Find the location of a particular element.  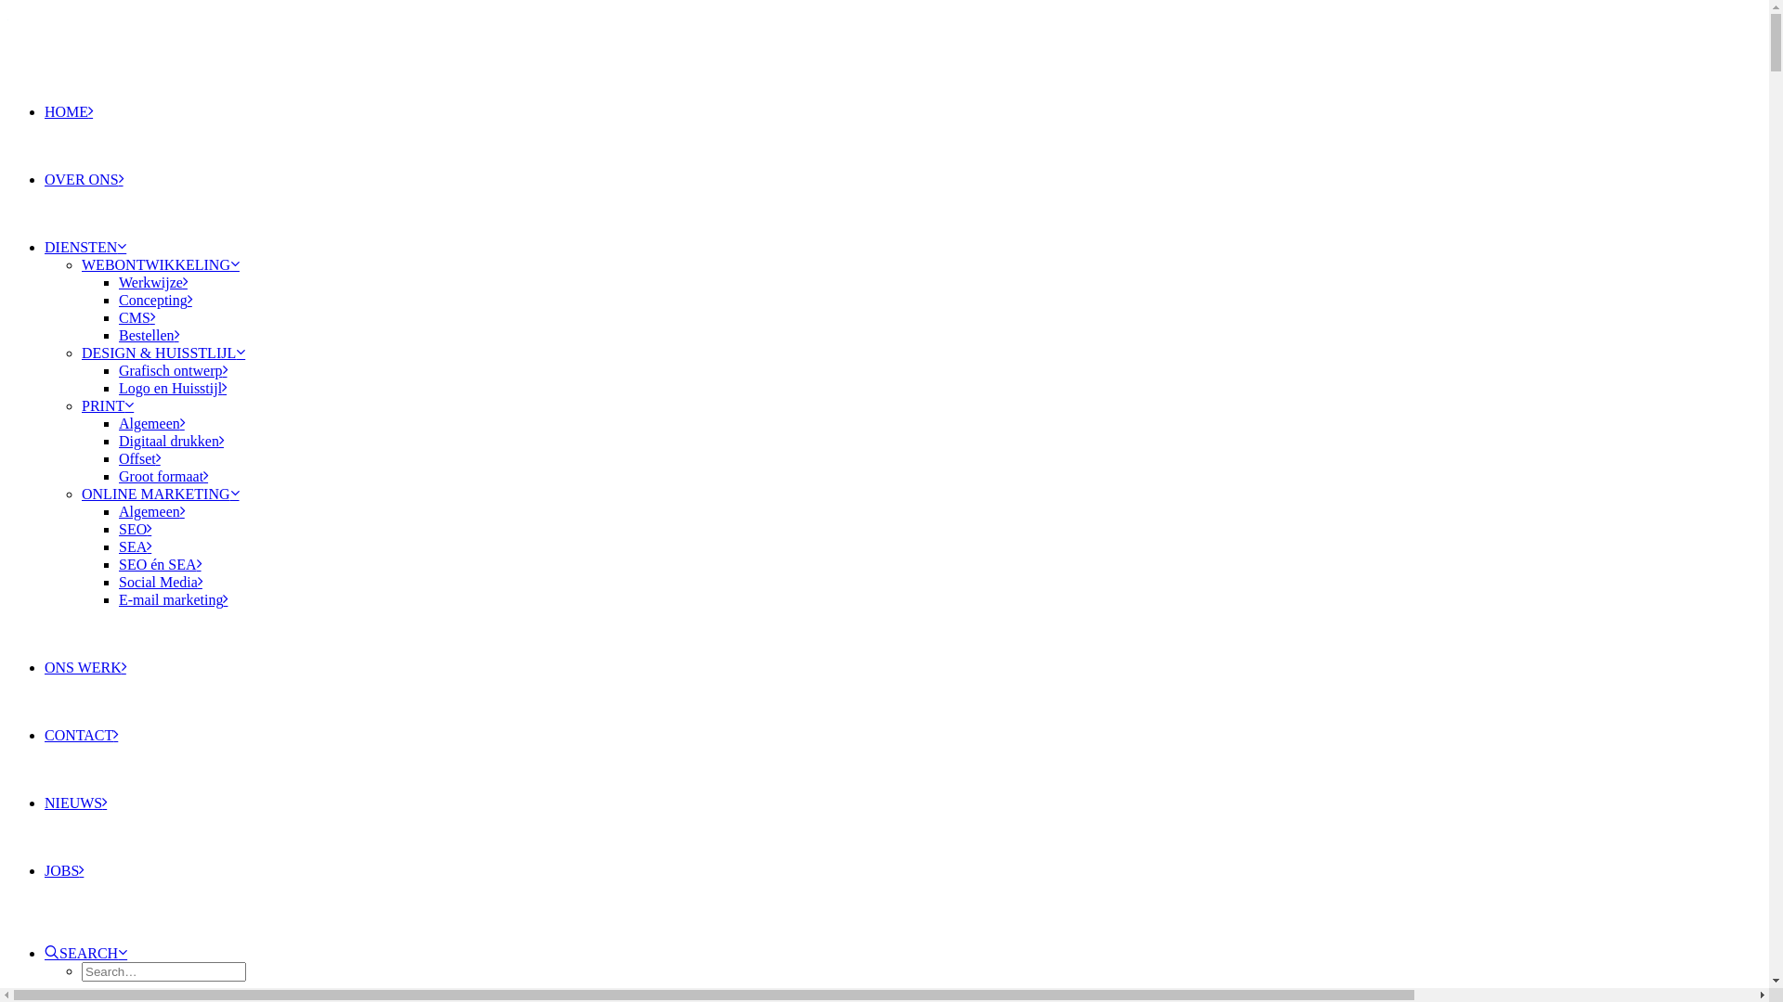

'Bestellen' is located at coordinates (149, 335).